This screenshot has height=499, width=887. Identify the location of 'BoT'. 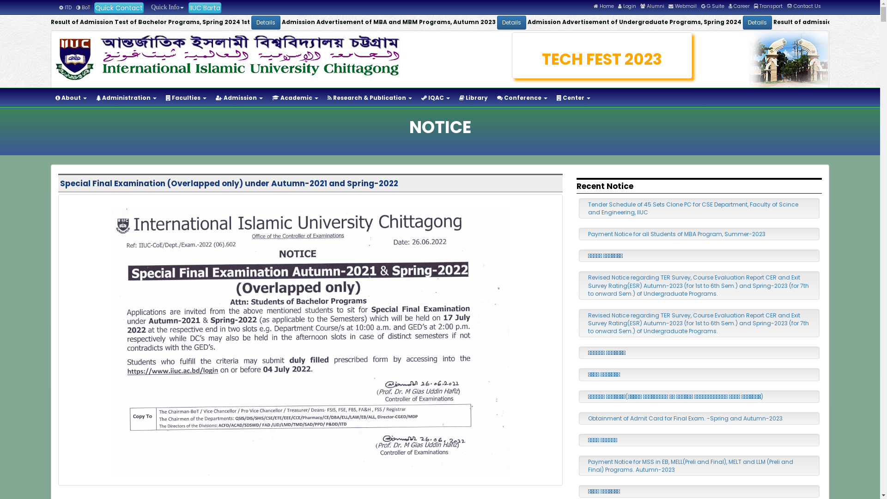
(83, 7).